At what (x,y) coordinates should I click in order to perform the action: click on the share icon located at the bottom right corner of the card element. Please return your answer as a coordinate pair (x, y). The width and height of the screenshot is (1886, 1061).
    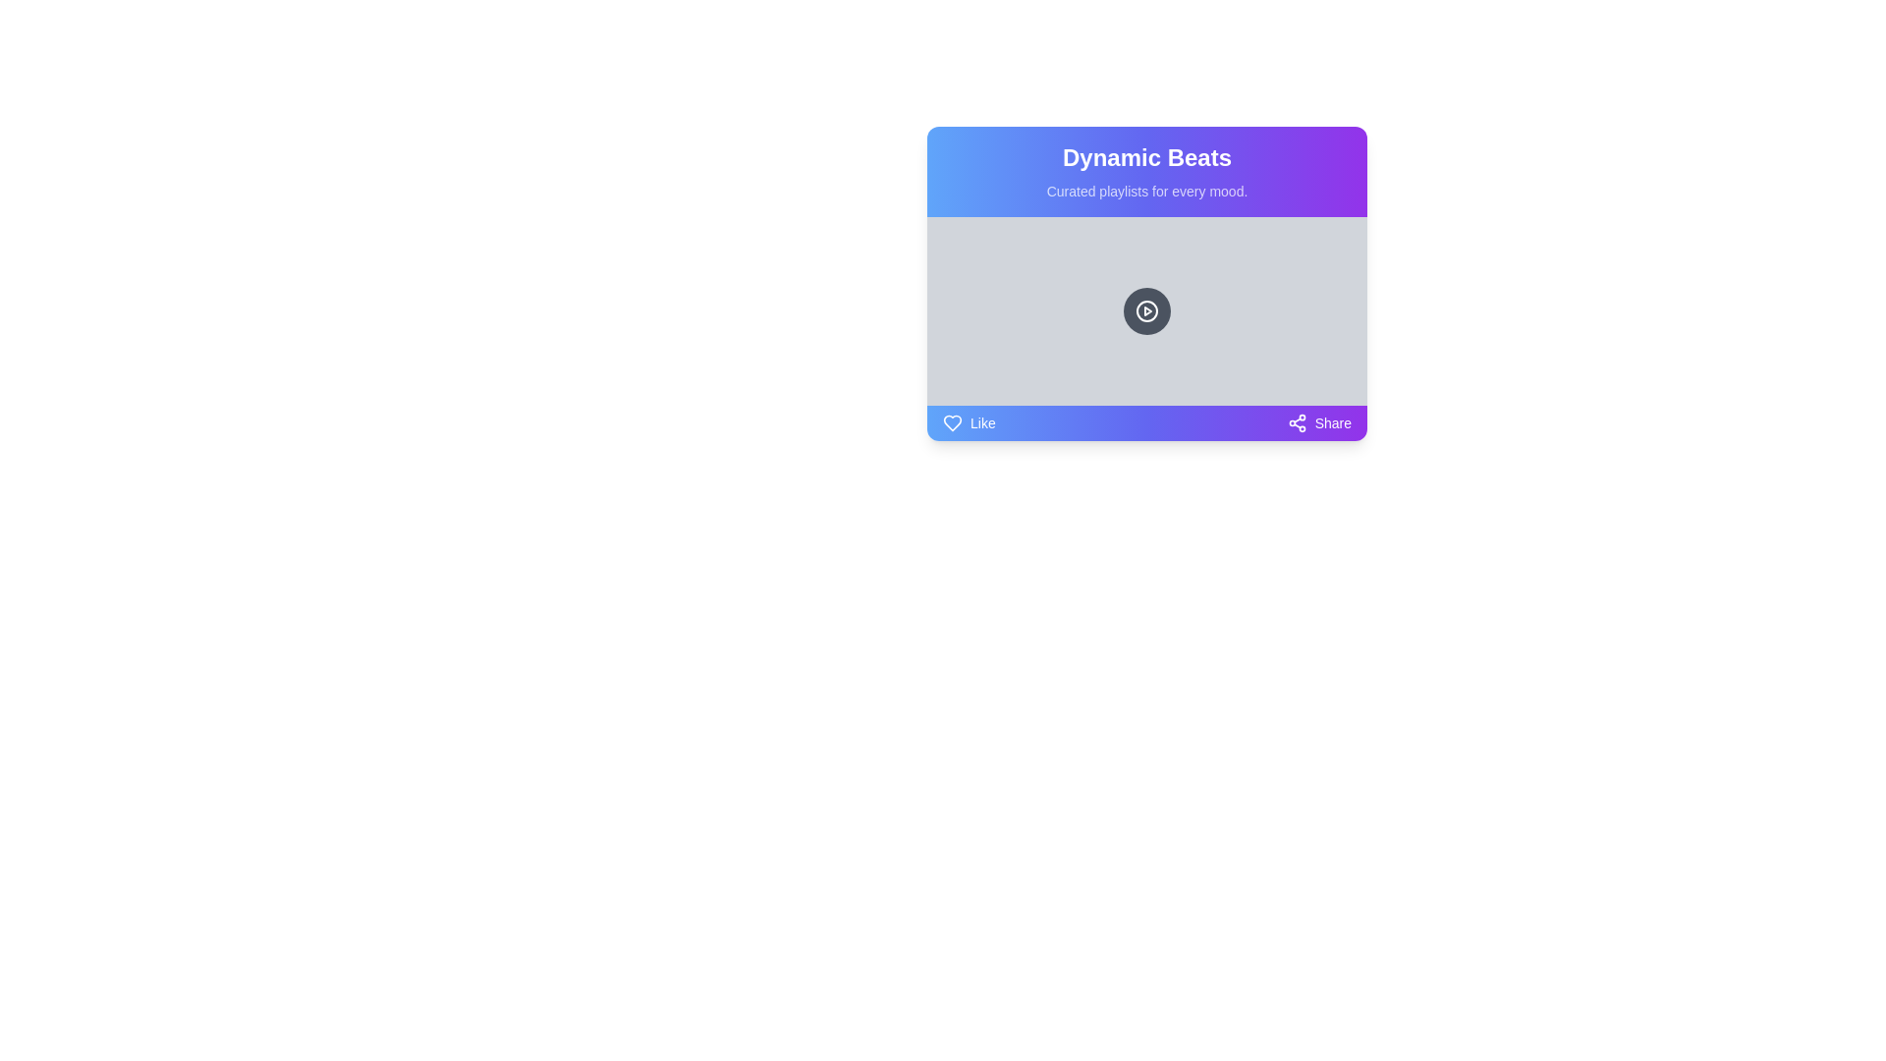
    Looking at the image, I should click on (1297, 422).